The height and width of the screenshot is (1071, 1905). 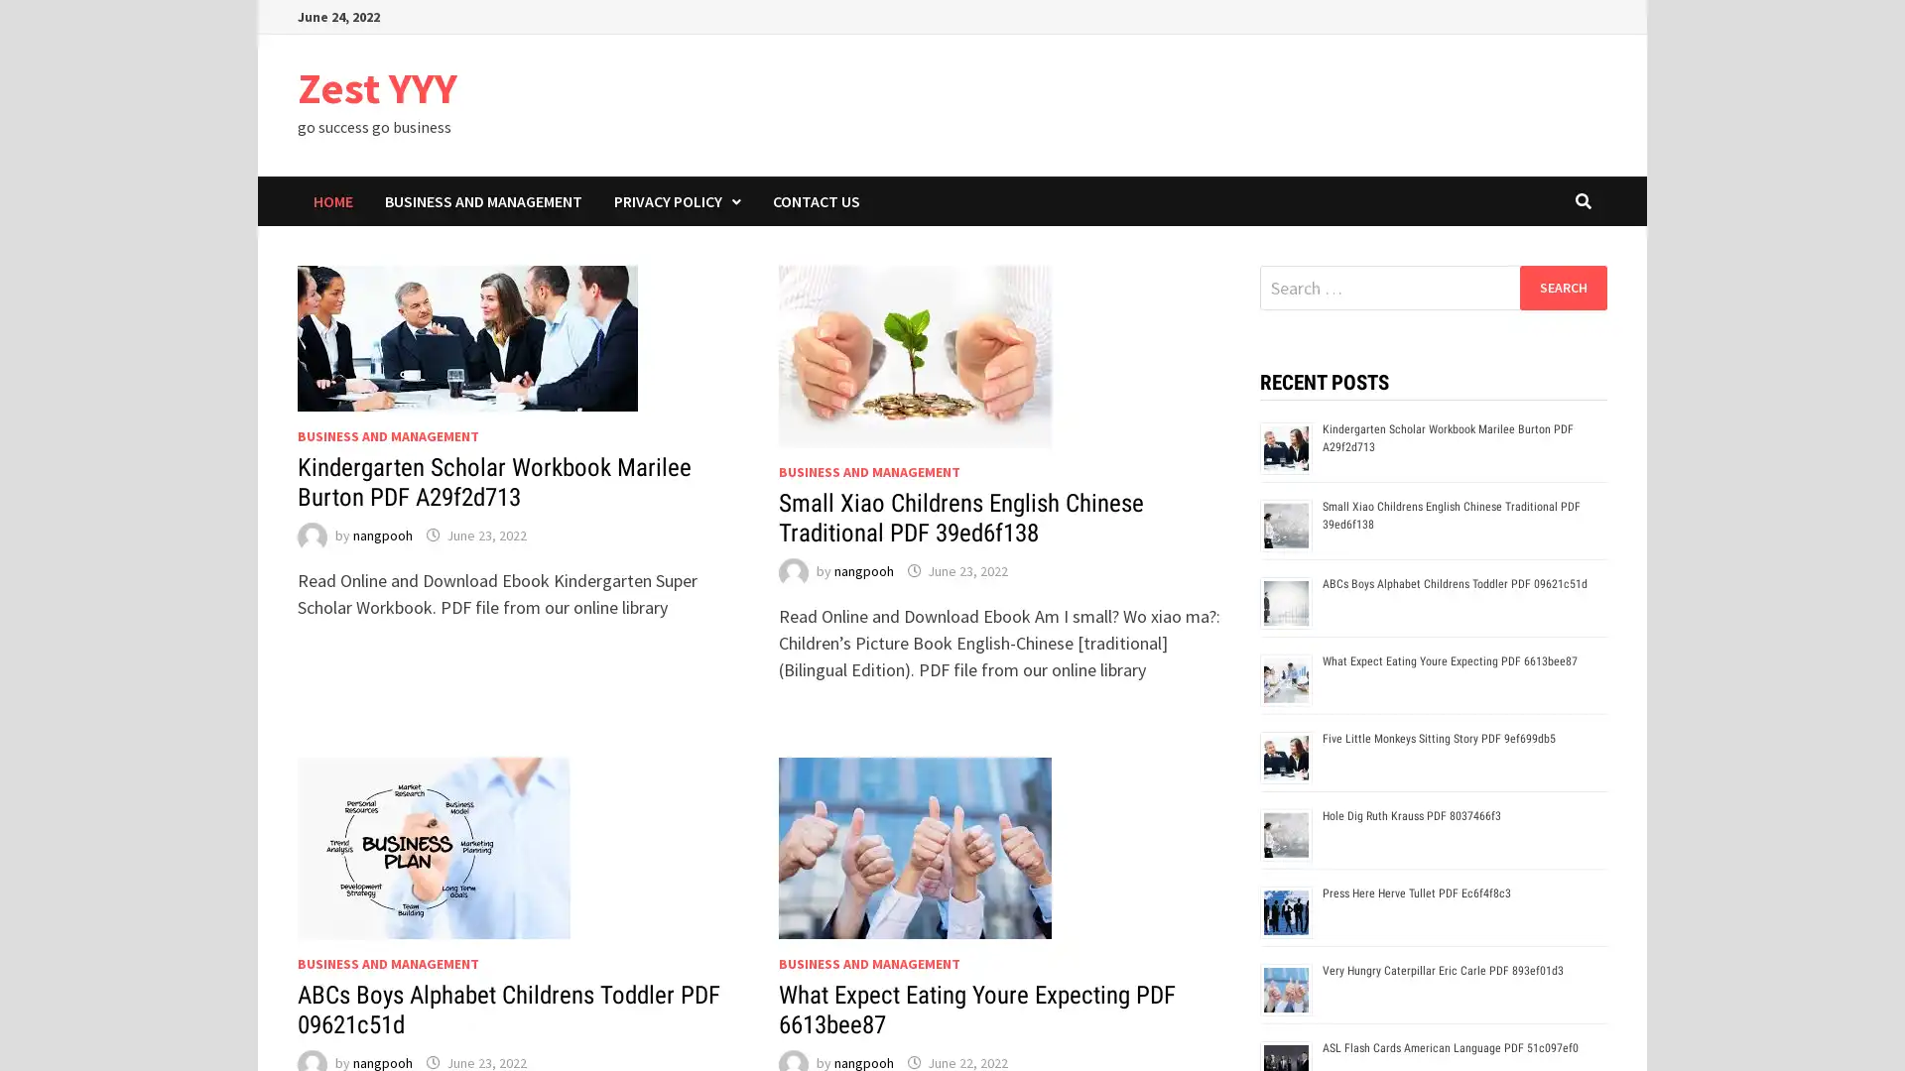 What do you see at coordinates (1562, 287) in the screenshot?
I see `Search` at bounding box center [1562, 287].